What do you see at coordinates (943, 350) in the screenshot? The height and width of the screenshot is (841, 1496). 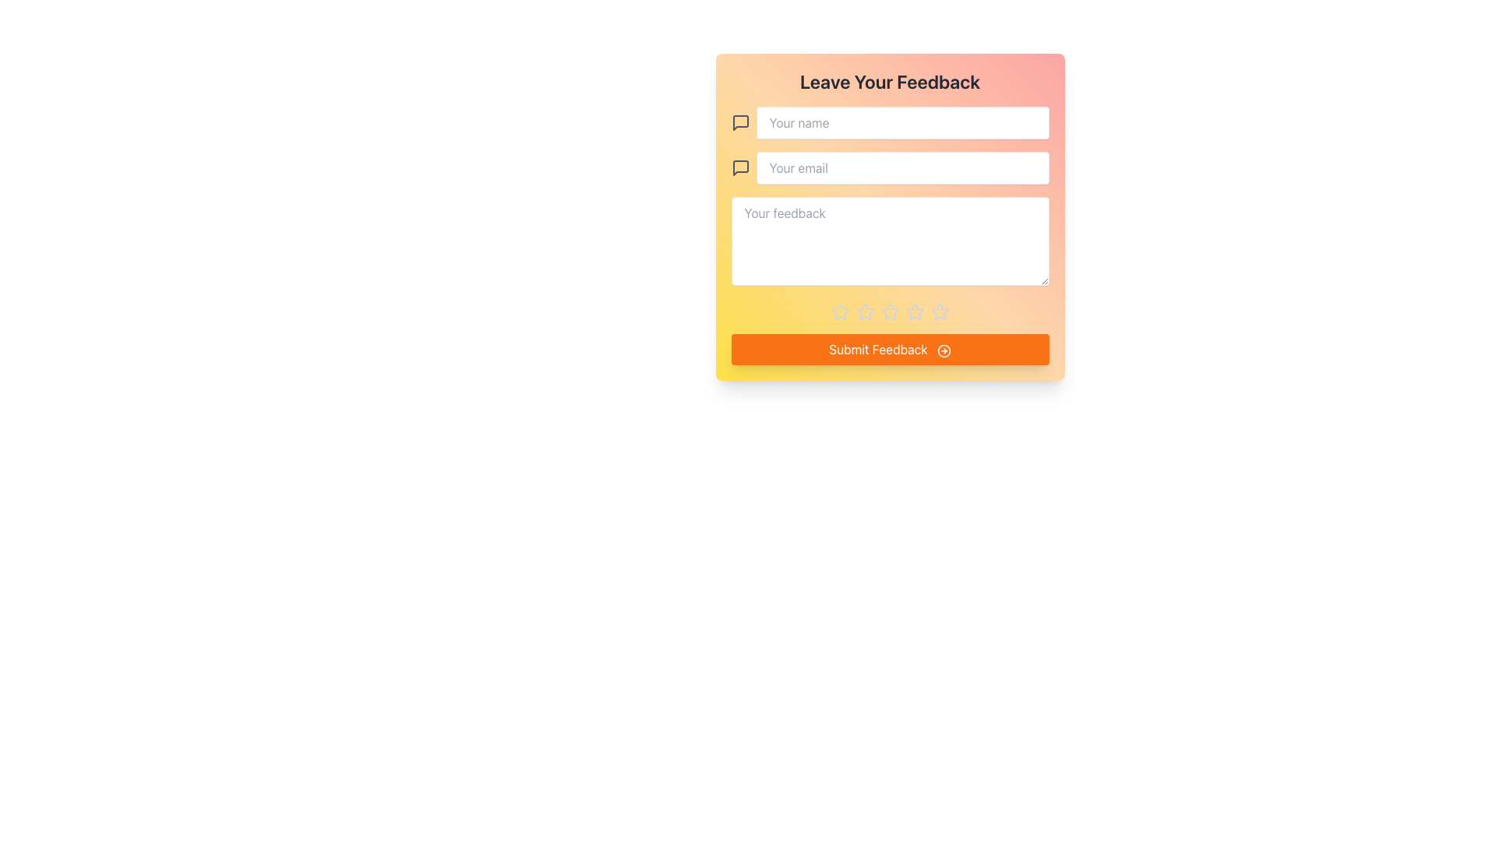 I see `the Circle (SVG Element) that serves as the outer circular border of the 'circle-arrow-right' icon, located near the bottom-right corner of the 'Submit Feedback' button` at bounding box center [943, 350].